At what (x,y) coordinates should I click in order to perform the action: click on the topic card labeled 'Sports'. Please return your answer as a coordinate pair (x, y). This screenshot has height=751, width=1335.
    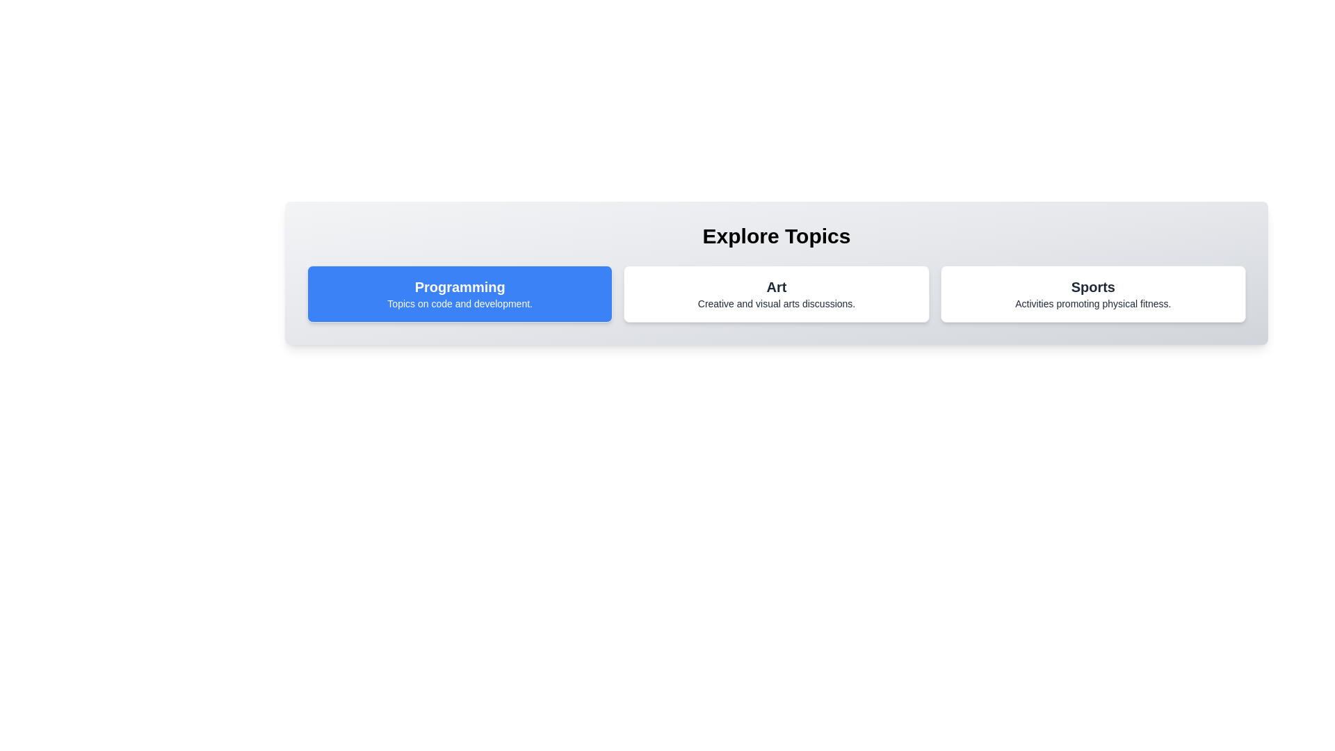
    Looking at the image, I should click on (1092, 293).